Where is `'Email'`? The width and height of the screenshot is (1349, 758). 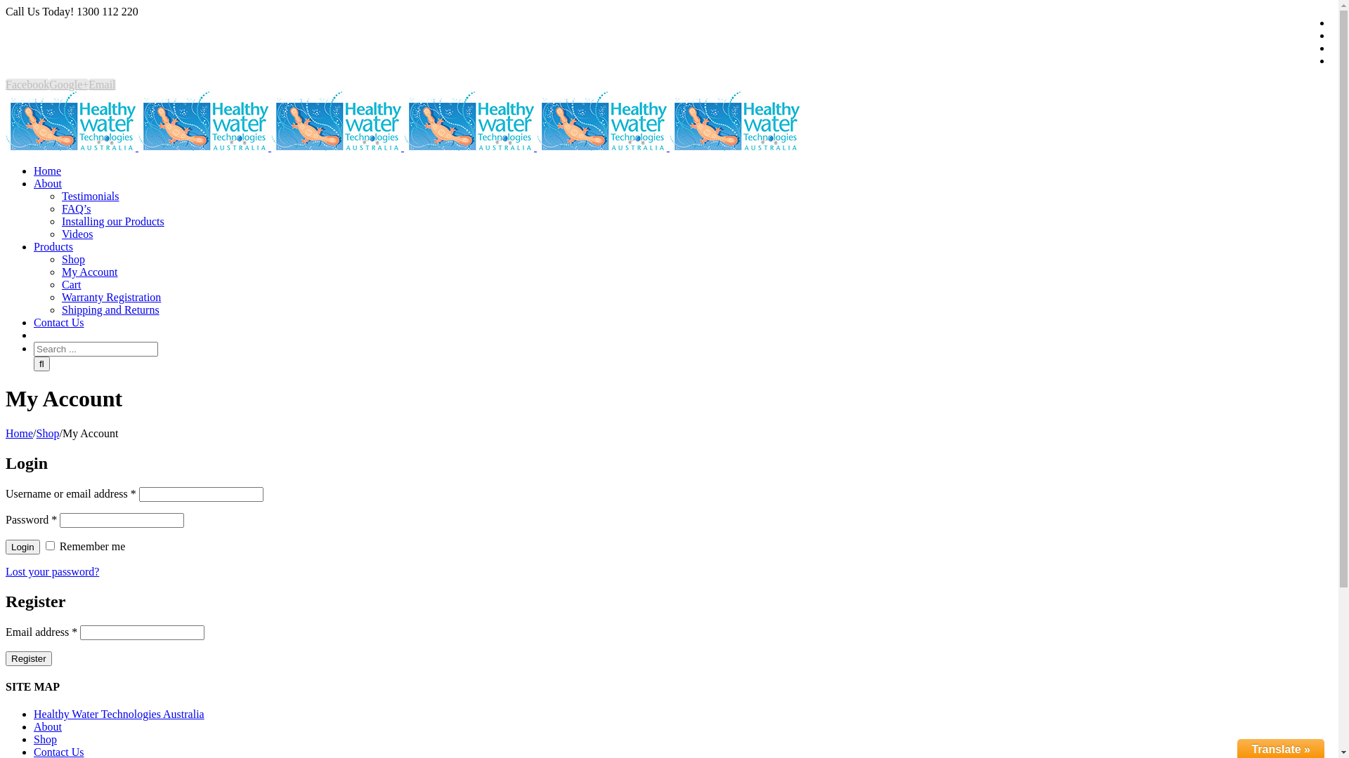 'Email' is located at coordinates (100, 84).